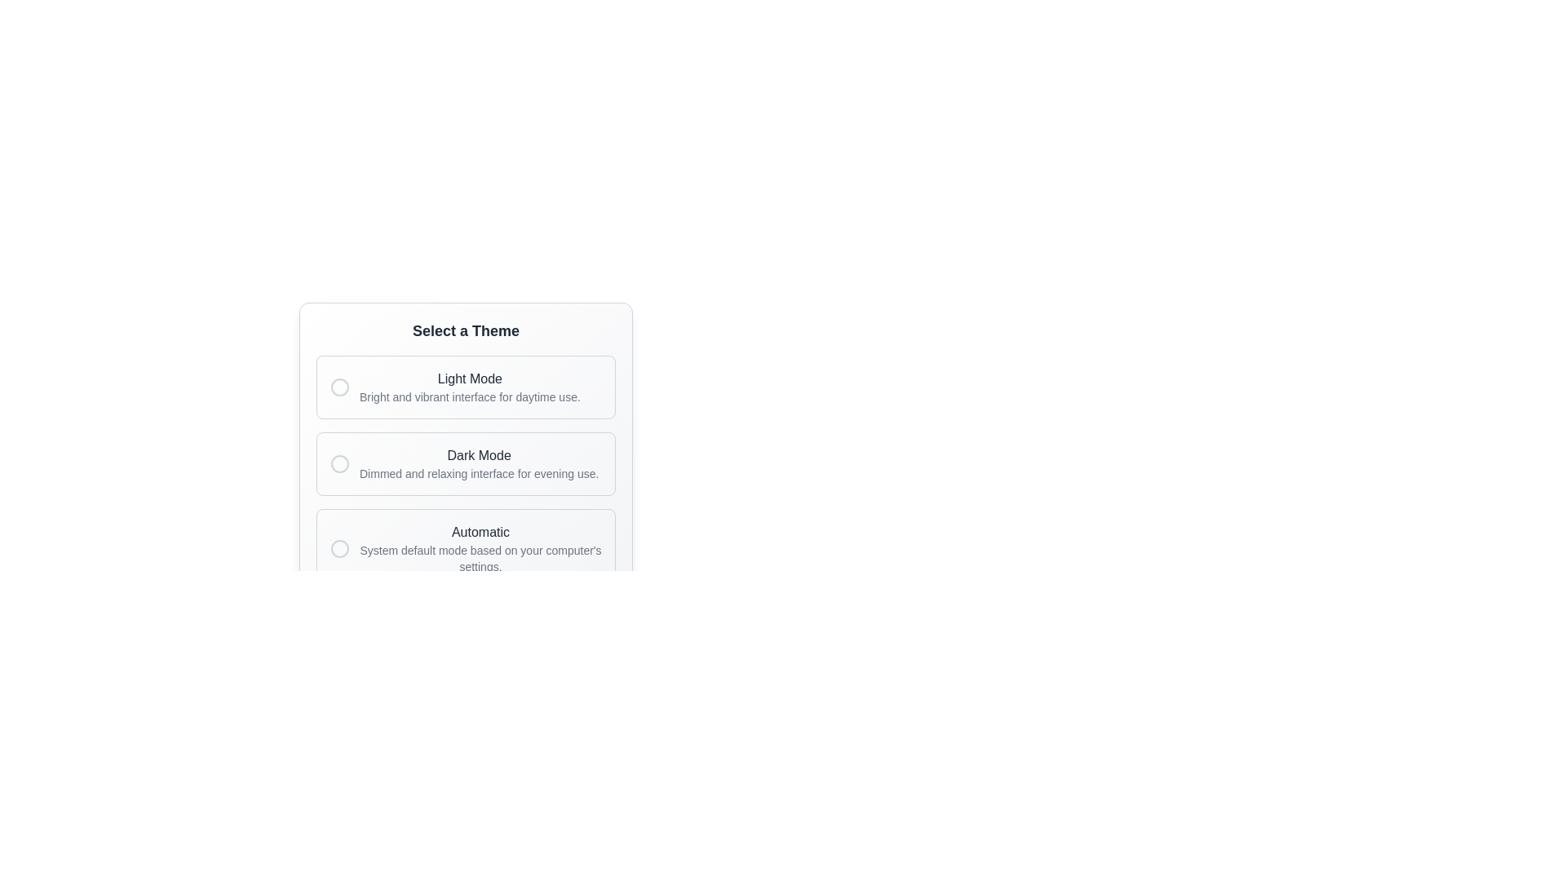  What do you see at coordinates (469, 379) in the screenshot?
I see `the Text Label that serves as the title or option label for selecting a theme mode, located centrally above the description text` at bounding box center [469, 379].